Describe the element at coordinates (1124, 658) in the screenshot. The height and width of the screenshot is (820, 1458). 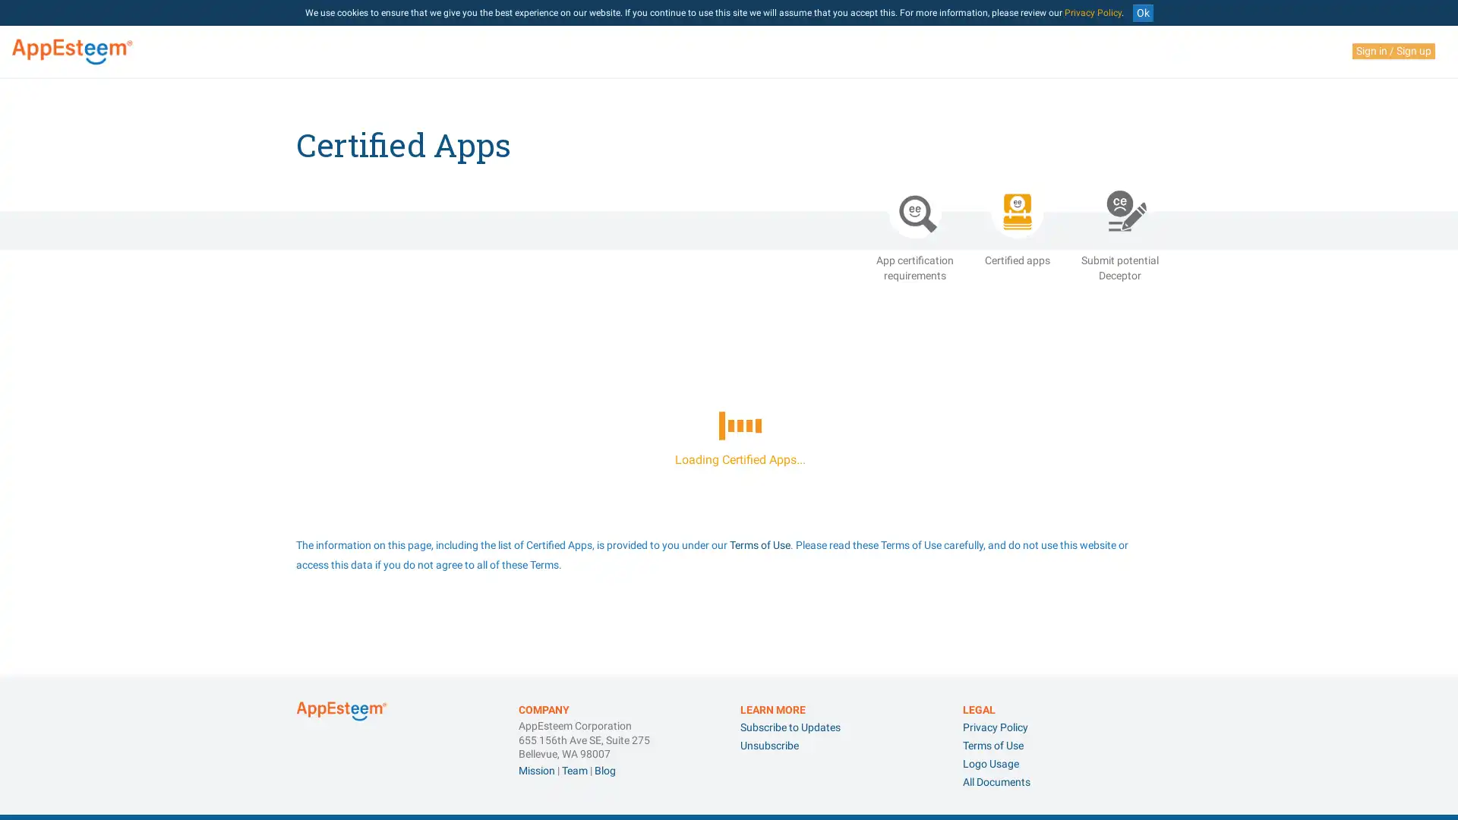
I see `read more` at that location.